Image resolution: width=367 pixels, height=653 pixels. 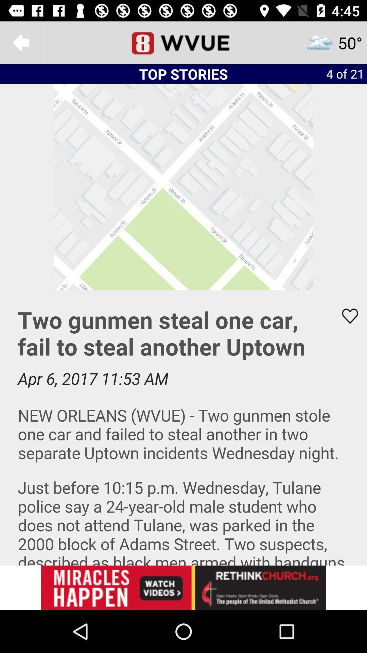 What do you see at coordinates (183, 587) in the screenshot?
I see `open advertisement` at bounding box center [183, 587].